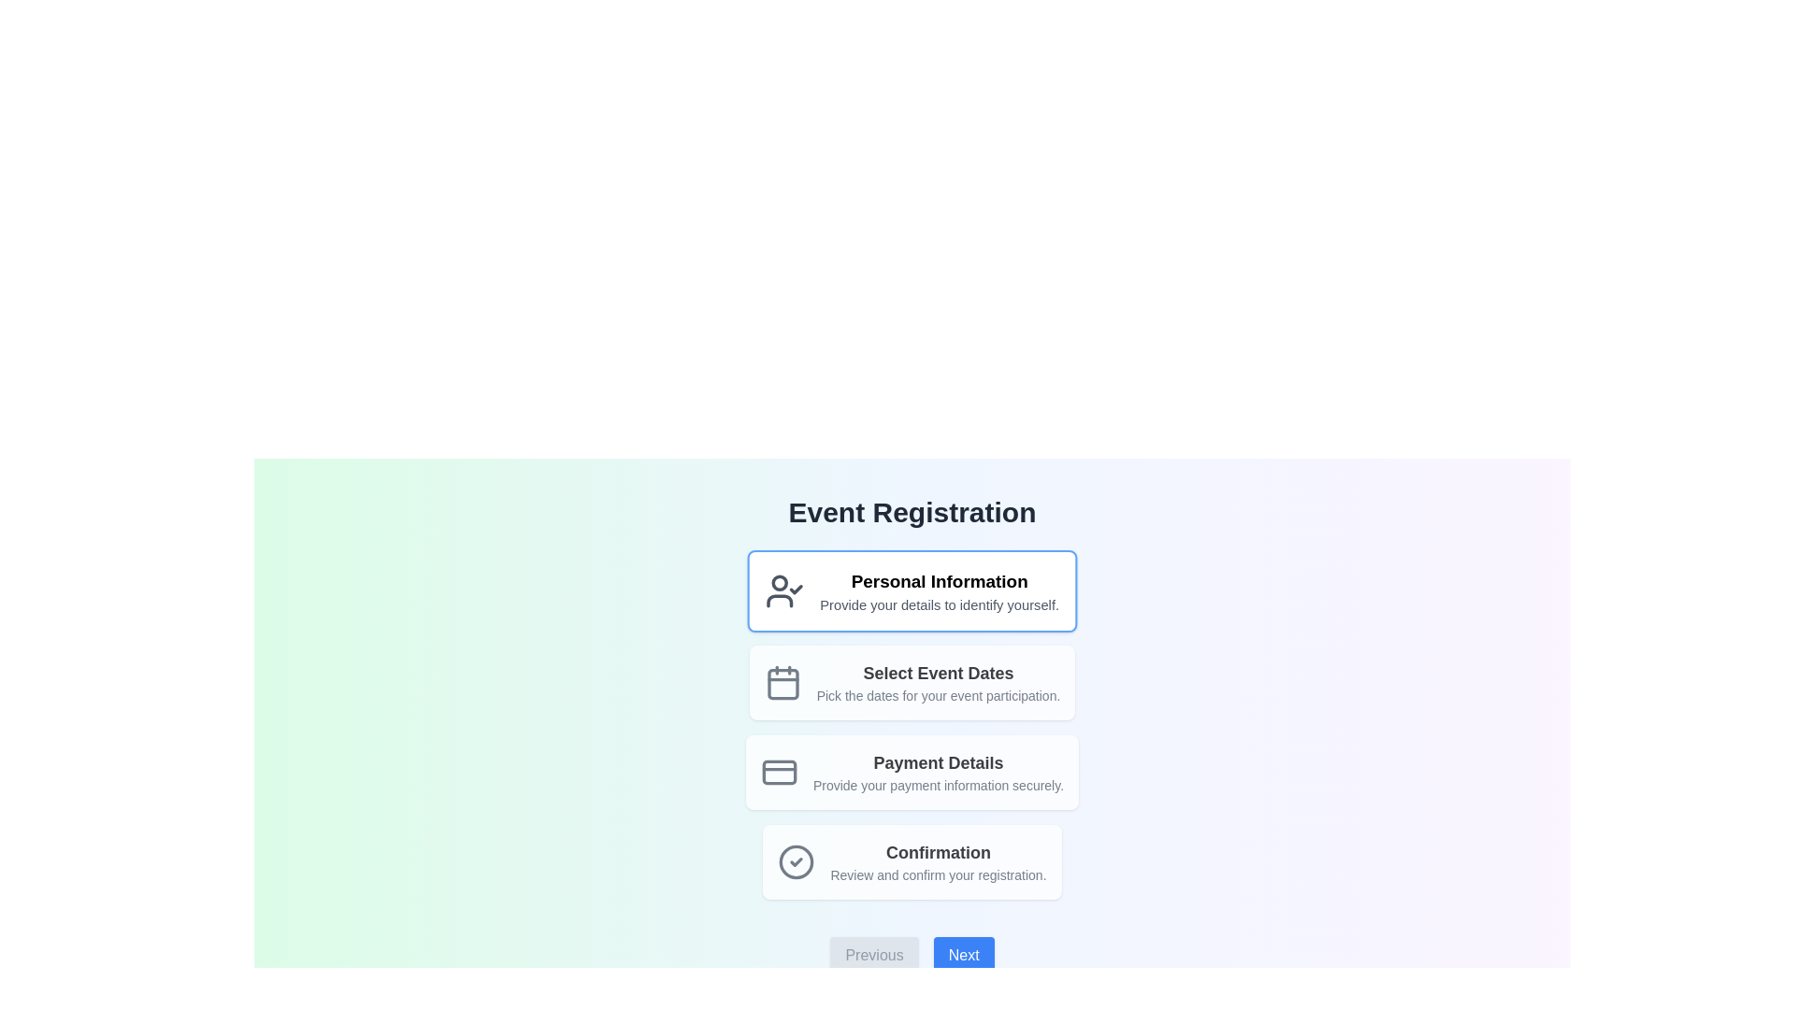  I want to click on the Section header that contains a calendar icon and the text 'Select Event Dates' with the description 'Pick the dates for your event participation.', so click(912, 683).